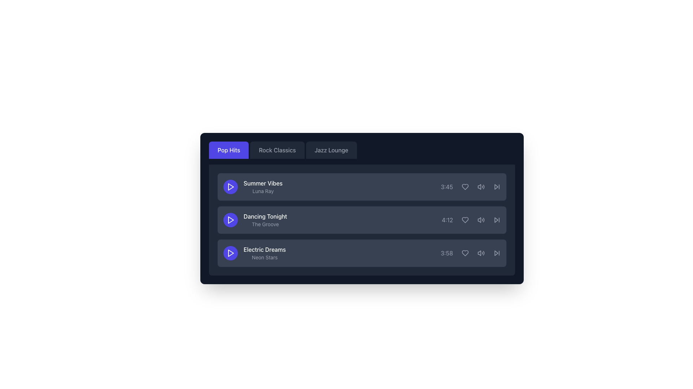 Image resolution: width=693 pixels, height=389 pixels. I want to click on the text block that serves as the title and subtitle of the second song in the playlist interface, which is located to the right of the circular play button, so click(265, 219).